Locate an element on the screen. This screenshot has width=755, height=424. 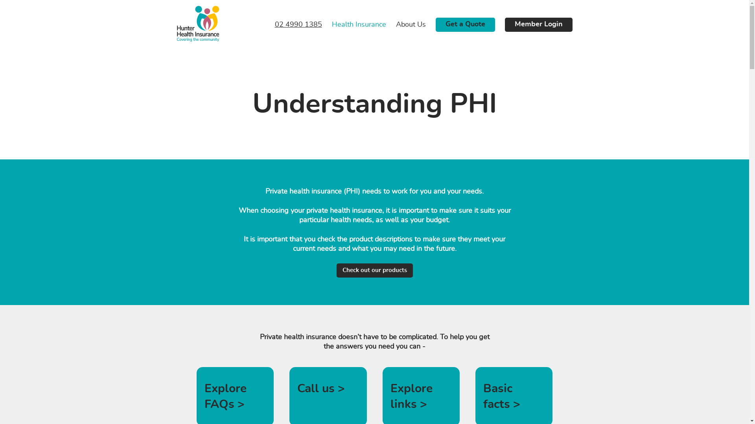
'About Us' is located at coordinates (406, 24).